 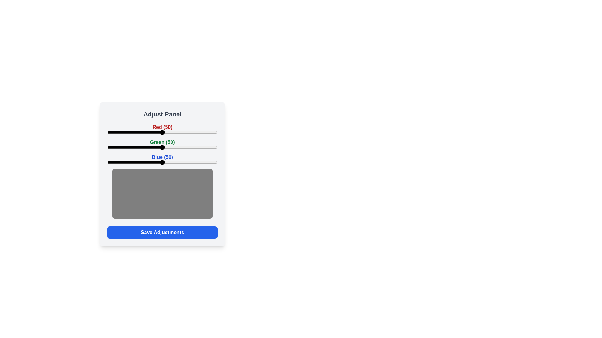 I want to click on the blue slider to 81 percent, so click(x=196, y=162).